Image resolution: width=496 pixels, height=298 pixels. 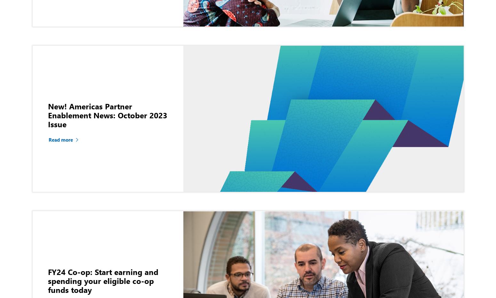 What do you see at coordinates (187, 100) in the screenshot?
I see `'#BizApps'` at bounding box center [187, 100].